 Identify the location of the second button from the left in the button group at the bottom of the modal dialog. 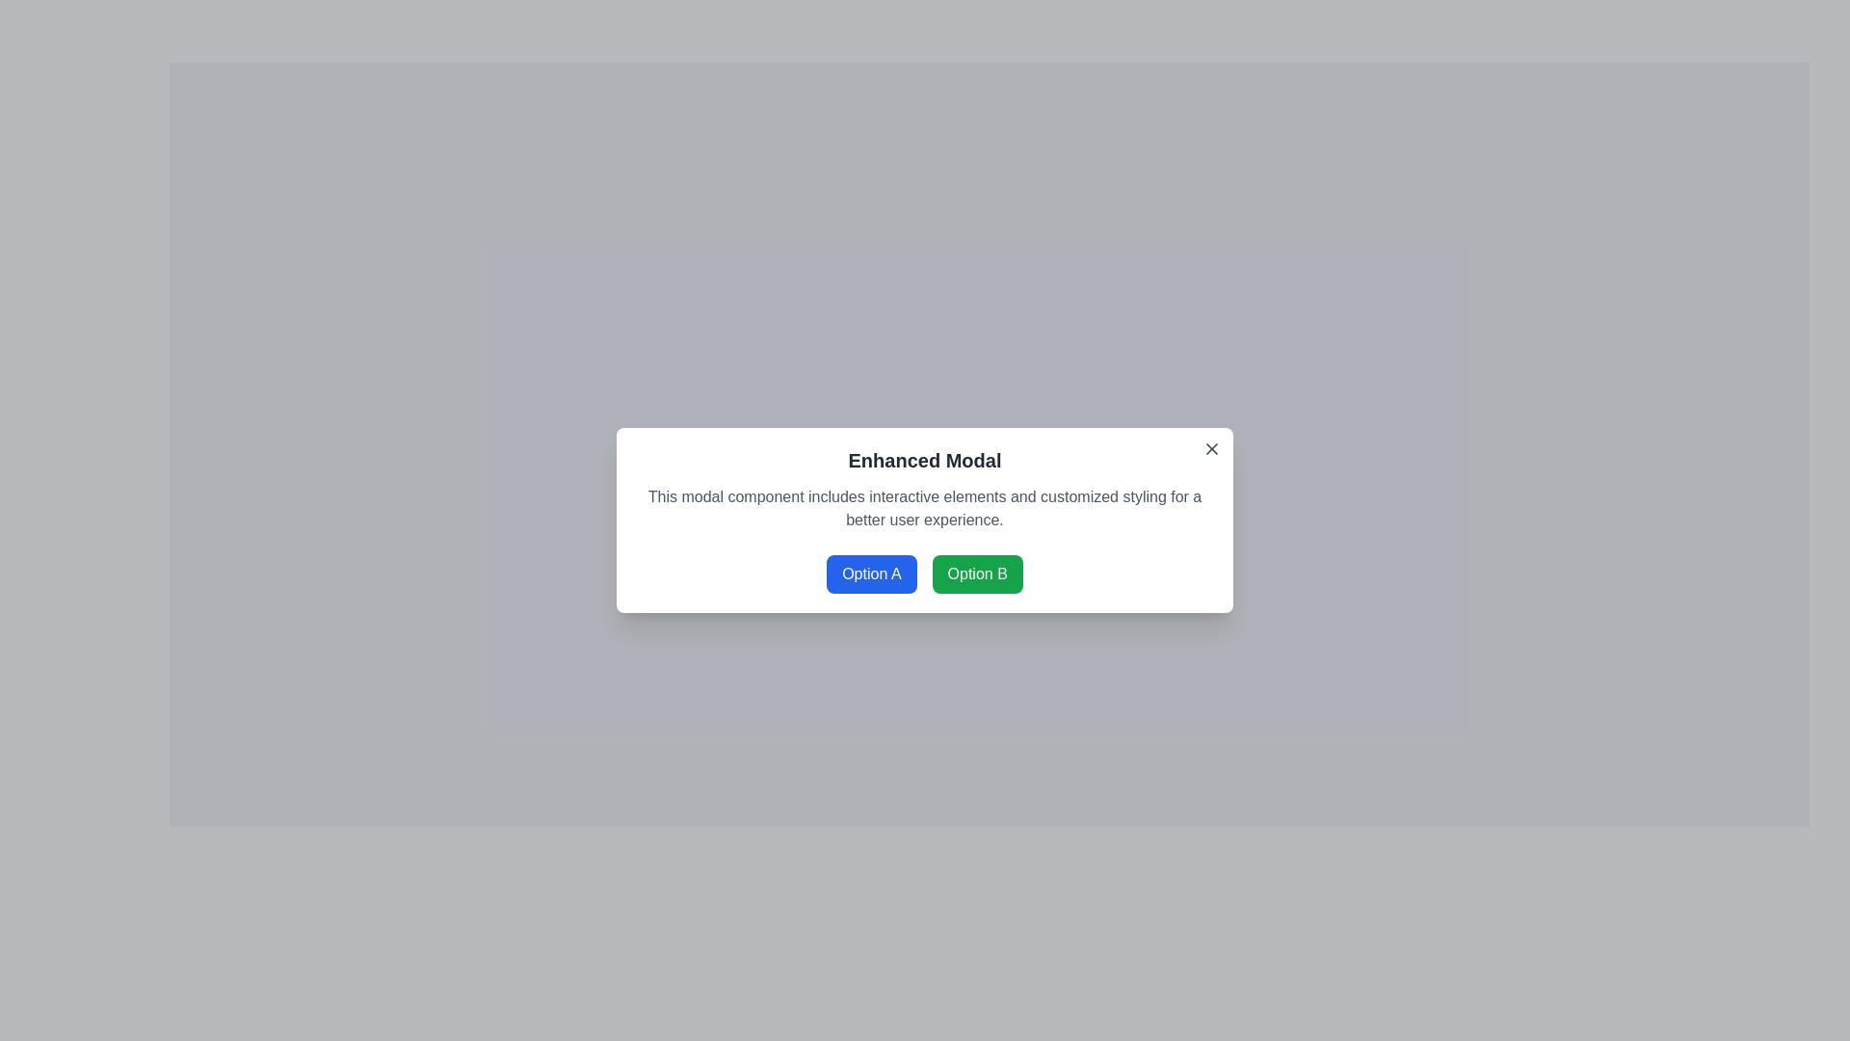
(977, 574).